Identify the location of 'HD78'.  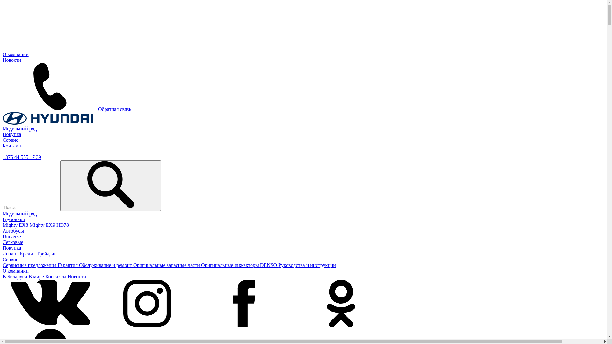
(56, 225).